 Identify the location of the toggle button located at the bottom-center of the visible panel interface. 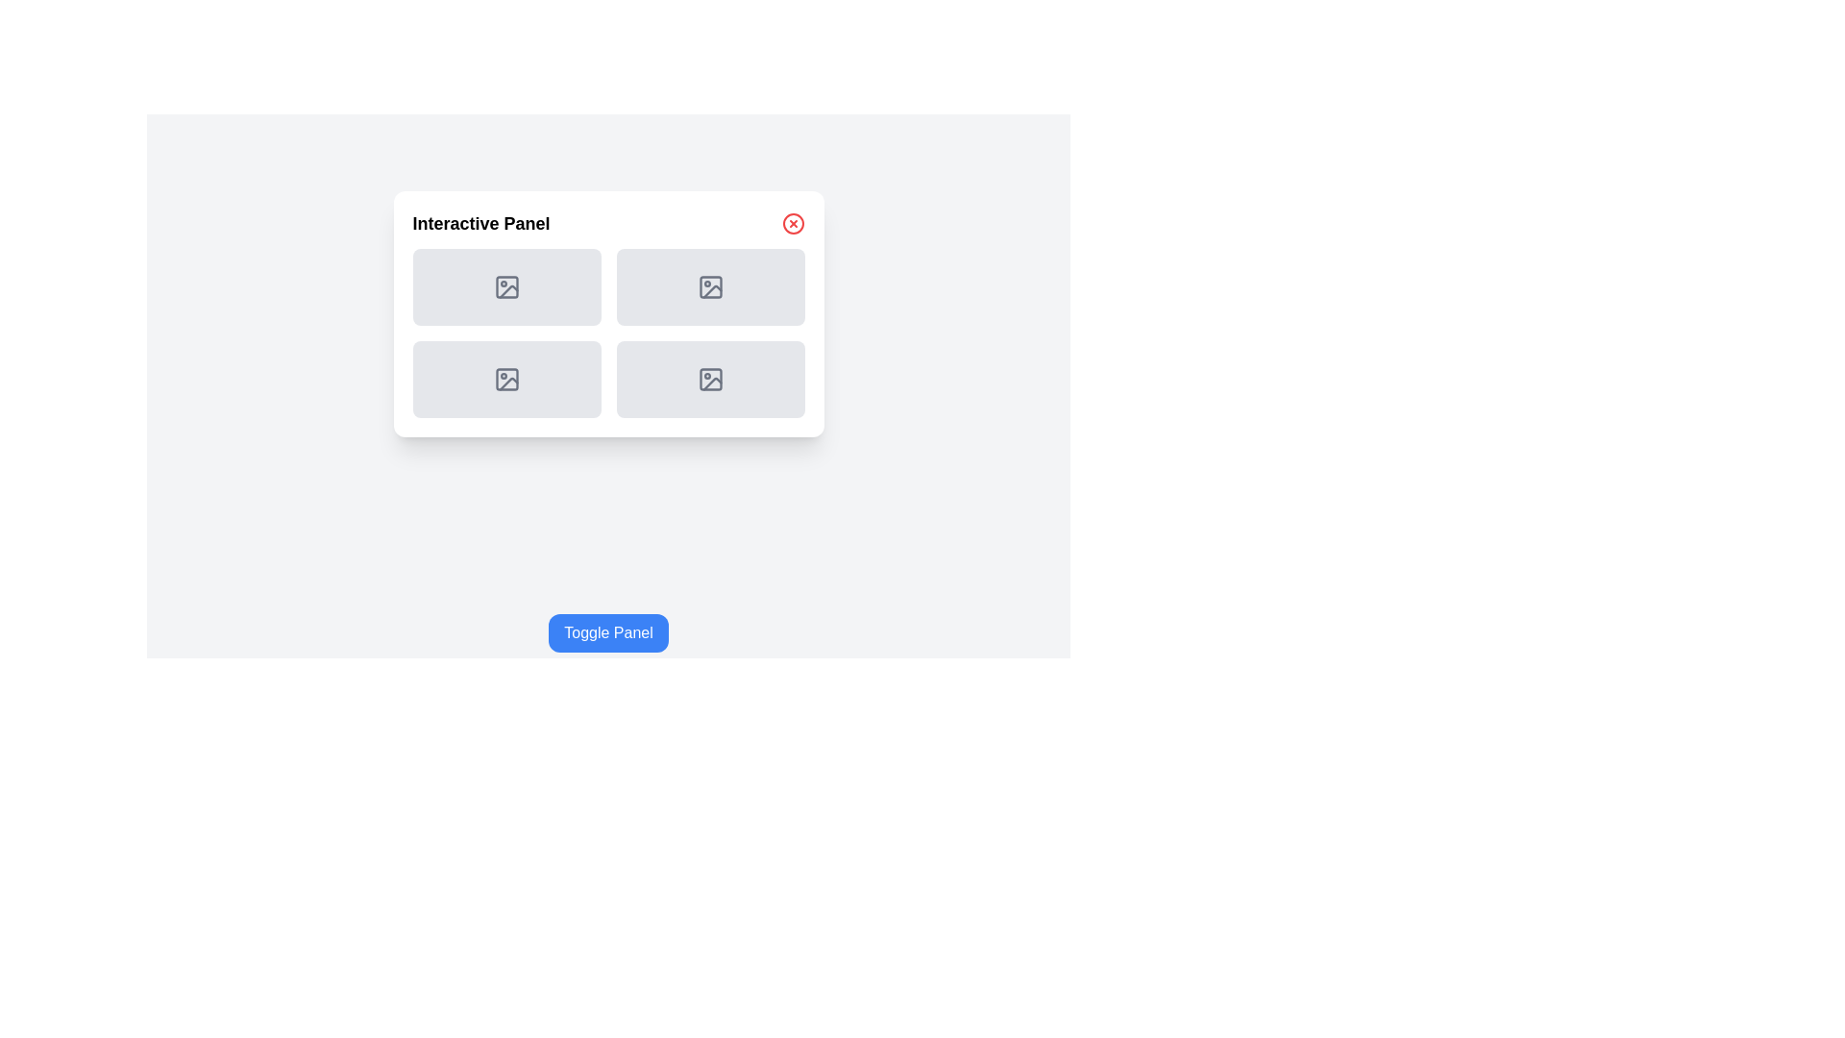
(607, 633).